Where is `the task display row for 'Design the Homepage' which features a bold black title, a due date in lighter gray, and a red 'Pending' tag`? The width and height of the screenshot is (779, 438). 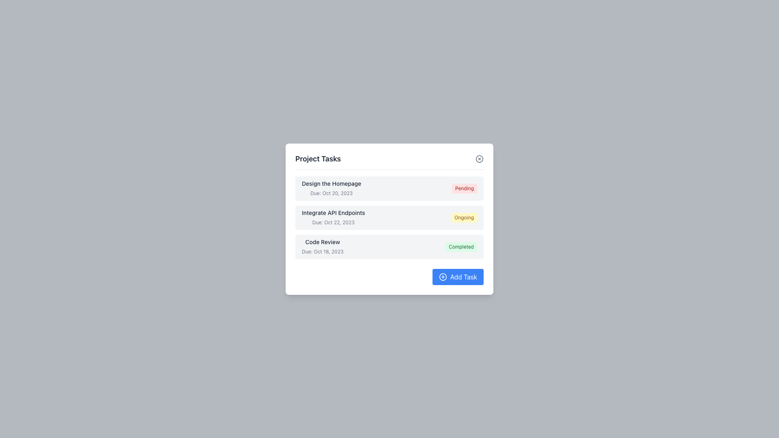 the task display row for 'Design the Homepage' which features a bold black title, a due date in lighter gray, and a red 'Pending' tag is located at coordinates (389, 188).